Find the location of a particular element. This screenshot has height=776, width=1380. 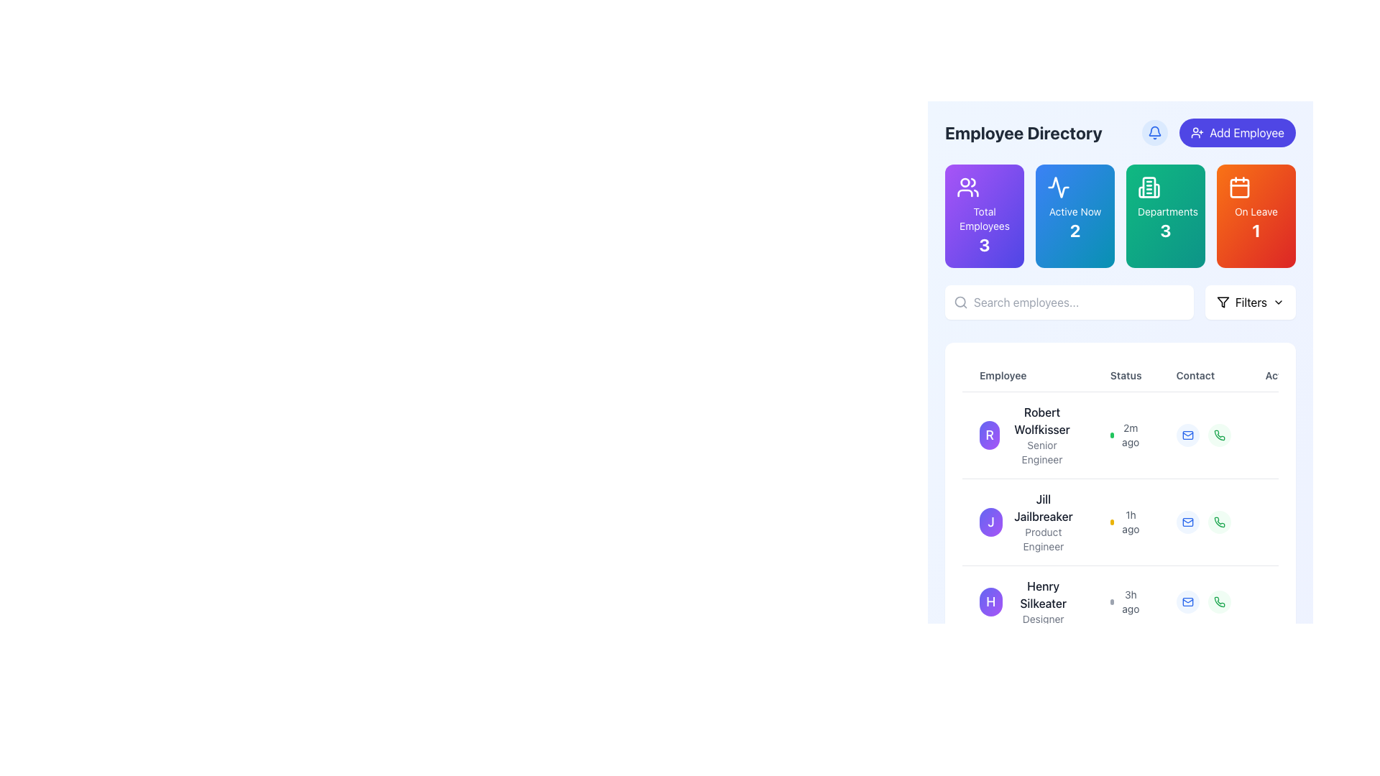

the second list item in the employee directory is located at coordinates (1026, 522).